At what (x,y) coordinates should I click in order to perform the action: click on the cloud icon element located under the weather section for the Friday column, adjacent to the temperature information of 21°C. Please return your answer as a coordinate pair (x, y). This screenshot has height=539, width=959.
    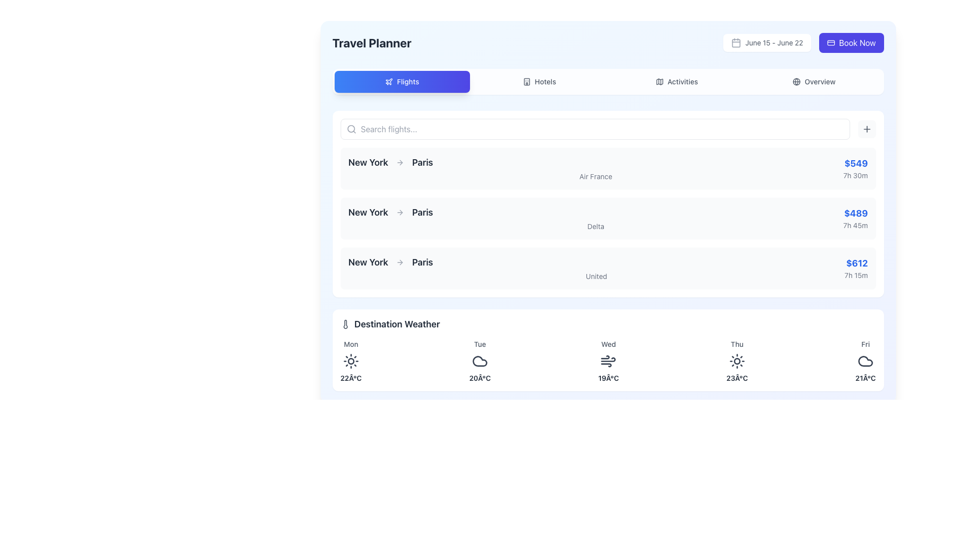
    Looking at the image, I should click on (865, 361).